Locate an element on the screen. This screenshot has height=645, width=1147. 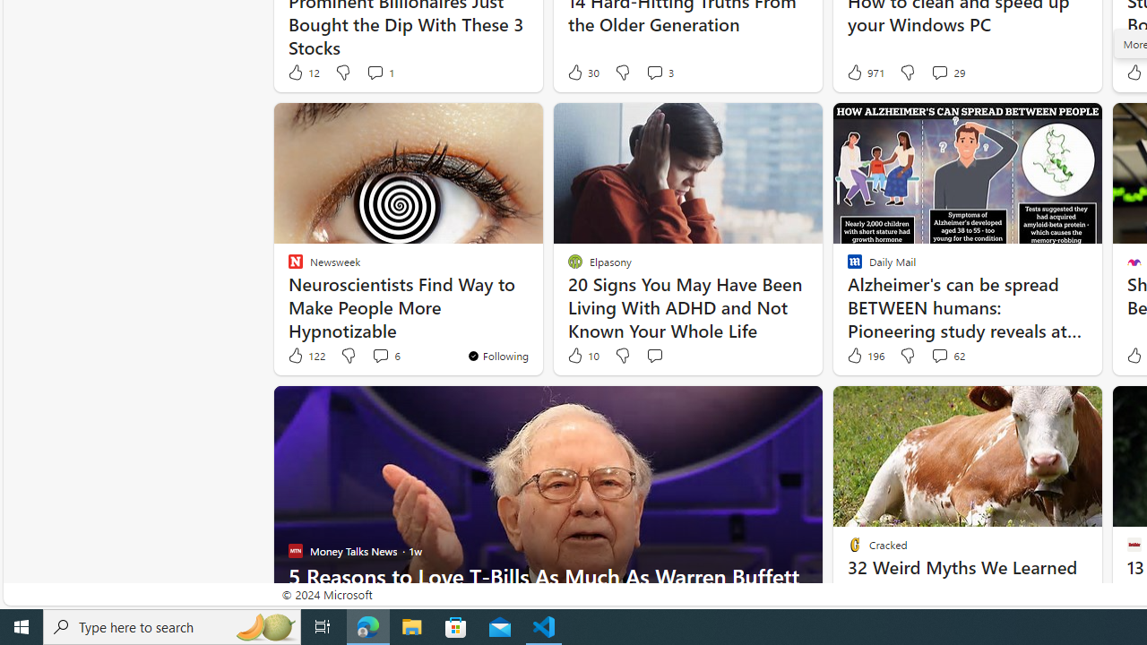
'196 Like' is located at coordinates (864, 356).